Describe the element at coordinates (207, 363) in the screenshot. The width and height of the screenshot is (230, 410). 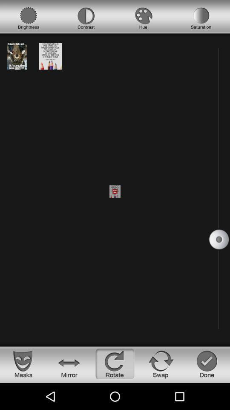
I see `the check icon` at that location.